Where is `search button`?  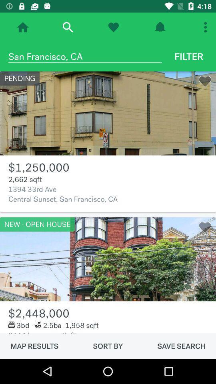 search button is located at coordinates (67, 27).